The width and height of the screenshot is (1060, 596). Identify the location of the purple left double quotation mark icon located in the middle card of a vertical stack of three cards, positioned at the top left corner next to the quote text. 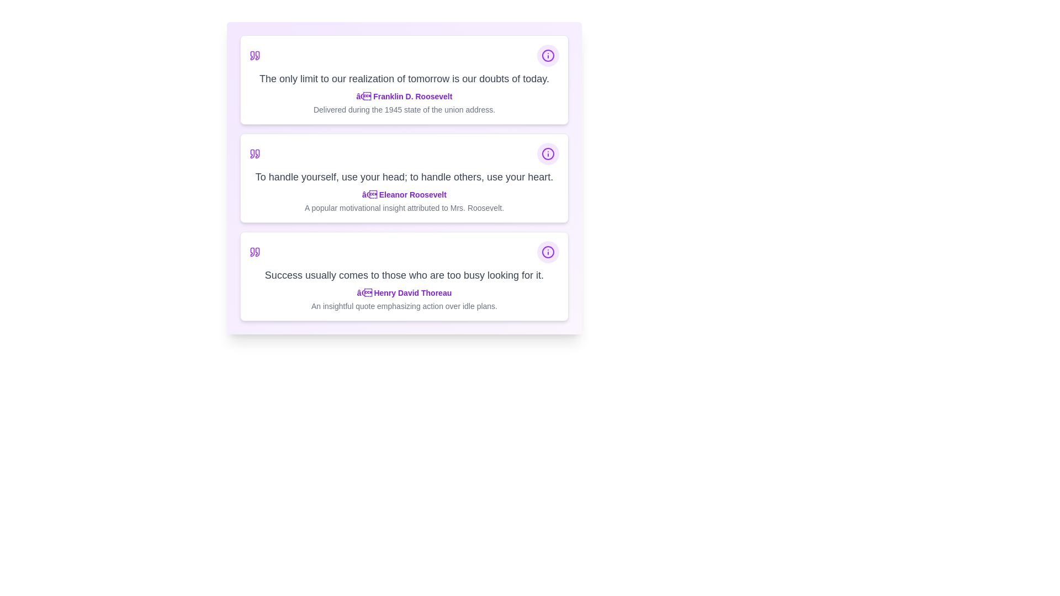
(252, 153).